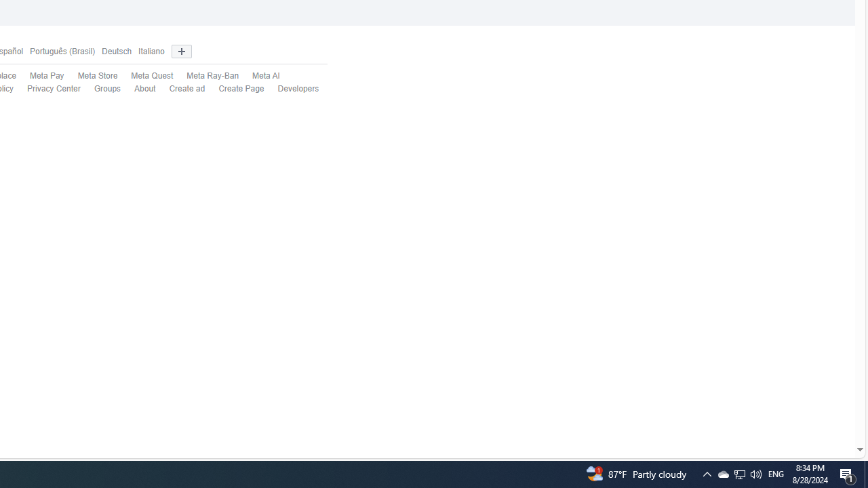 The image size is (868, 488). I want to click on 'Deutsch', so click(117, 51).